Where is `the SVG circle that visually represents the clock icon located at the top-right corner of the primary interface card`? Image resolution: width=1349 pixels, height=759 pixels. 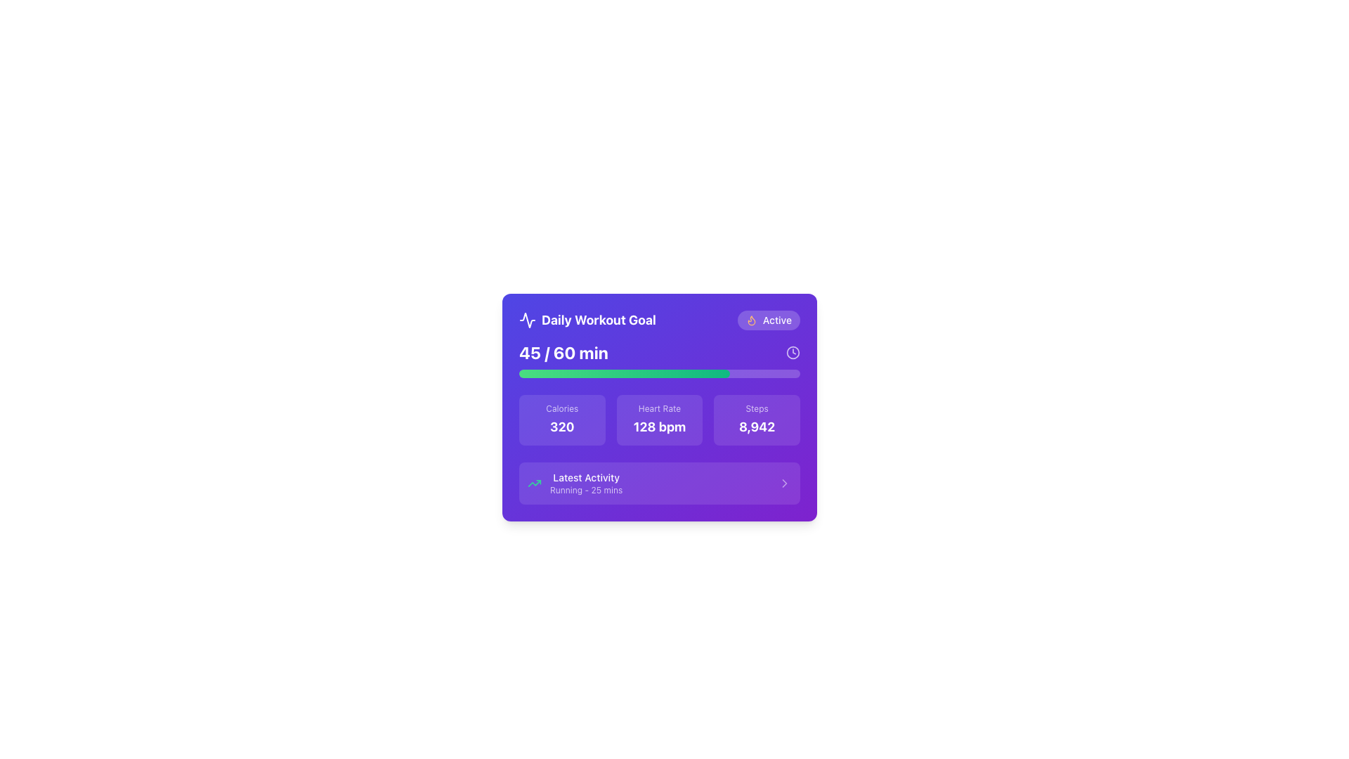
the SVG circle that visually represents the clock icon located at the top-right corner of the primary interface card is located at coordinates (793, 351).